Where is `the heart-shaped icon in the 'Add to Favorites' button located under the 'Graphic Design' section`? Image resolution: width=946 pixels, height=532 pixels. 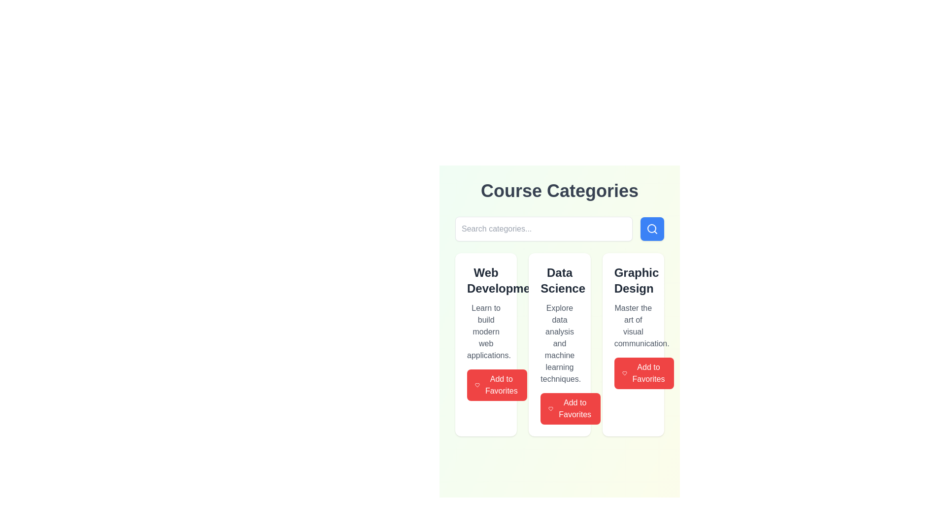
the heart-shaped icon in the 'Add to Favorites' button located under the 'Graphic Design' section is located at coordinates (624, 373).